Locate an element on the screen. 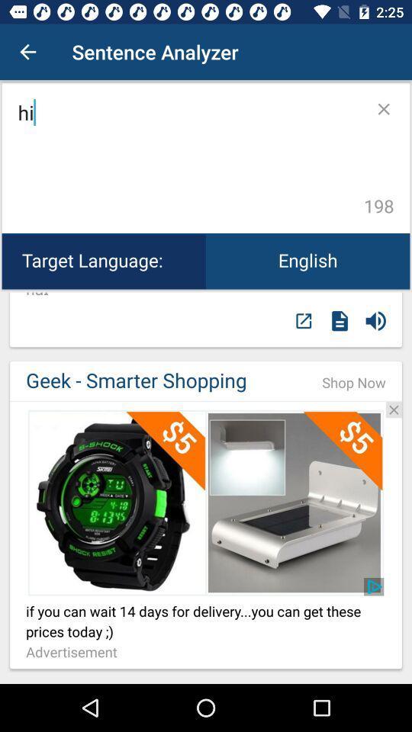 The image size is (412, 732). icon below if you can item is located at coordinates (75, 651).